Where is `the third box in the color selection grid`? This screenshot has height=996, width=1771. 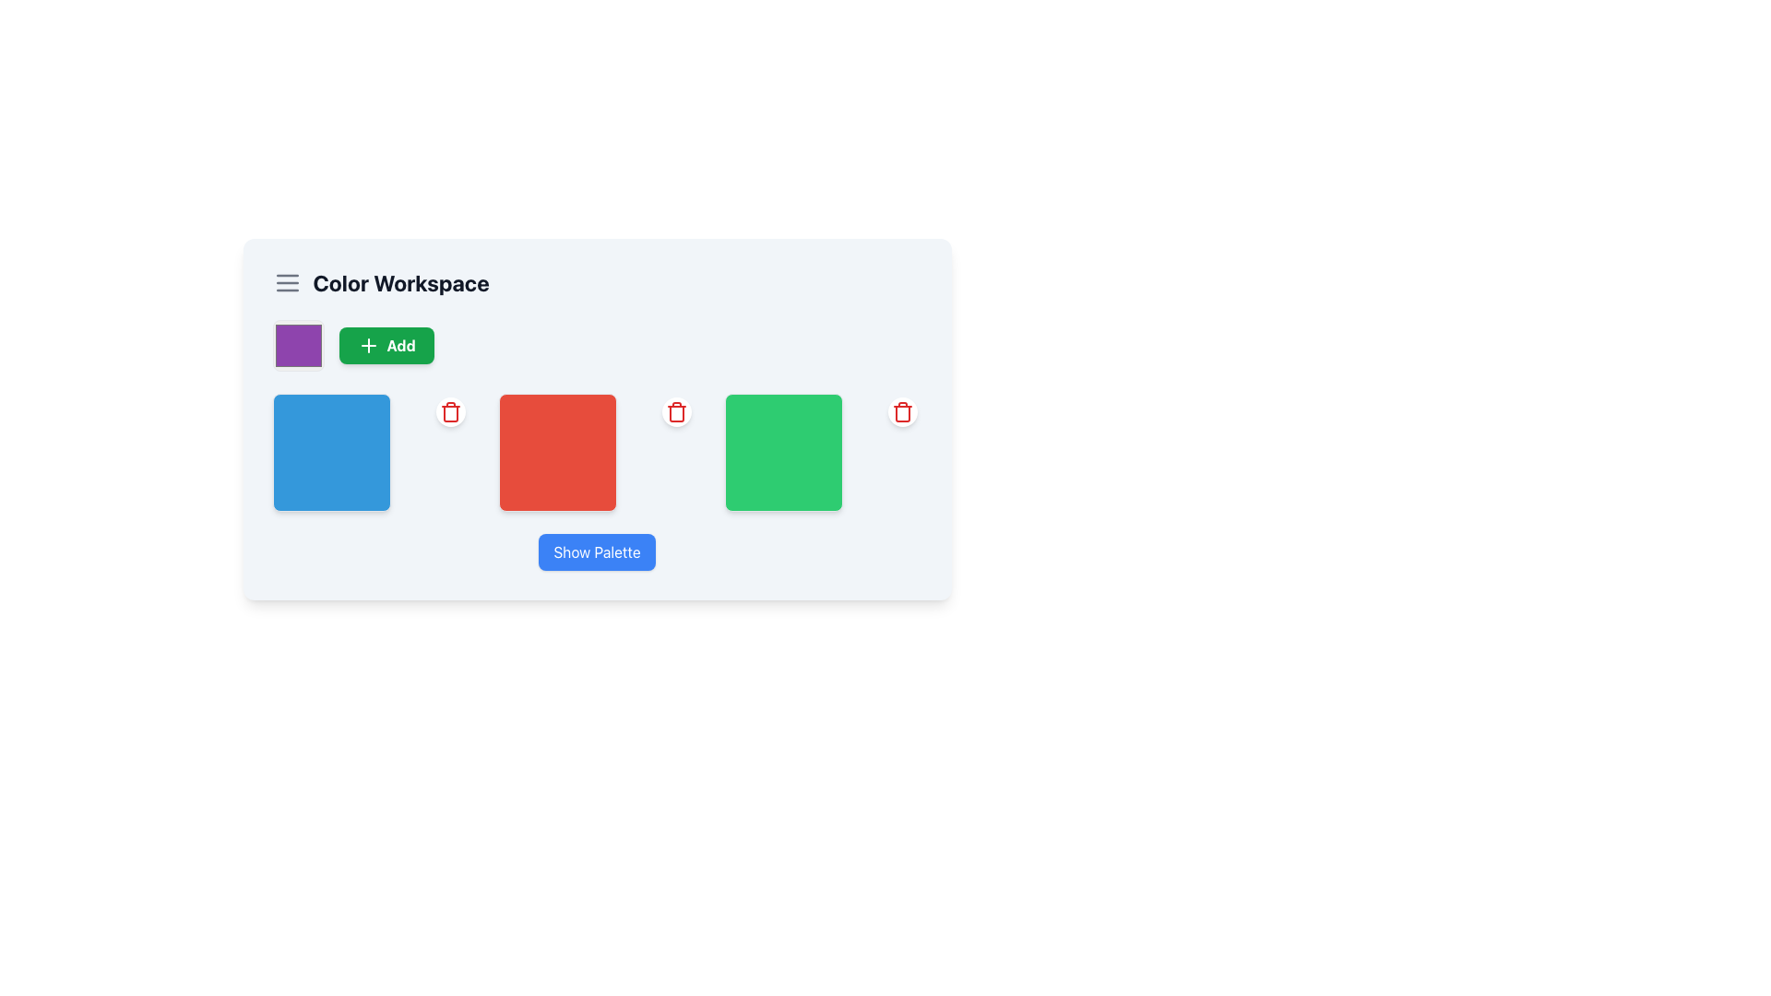
the third box in the color selection grid is located at coordinates (822, 452).